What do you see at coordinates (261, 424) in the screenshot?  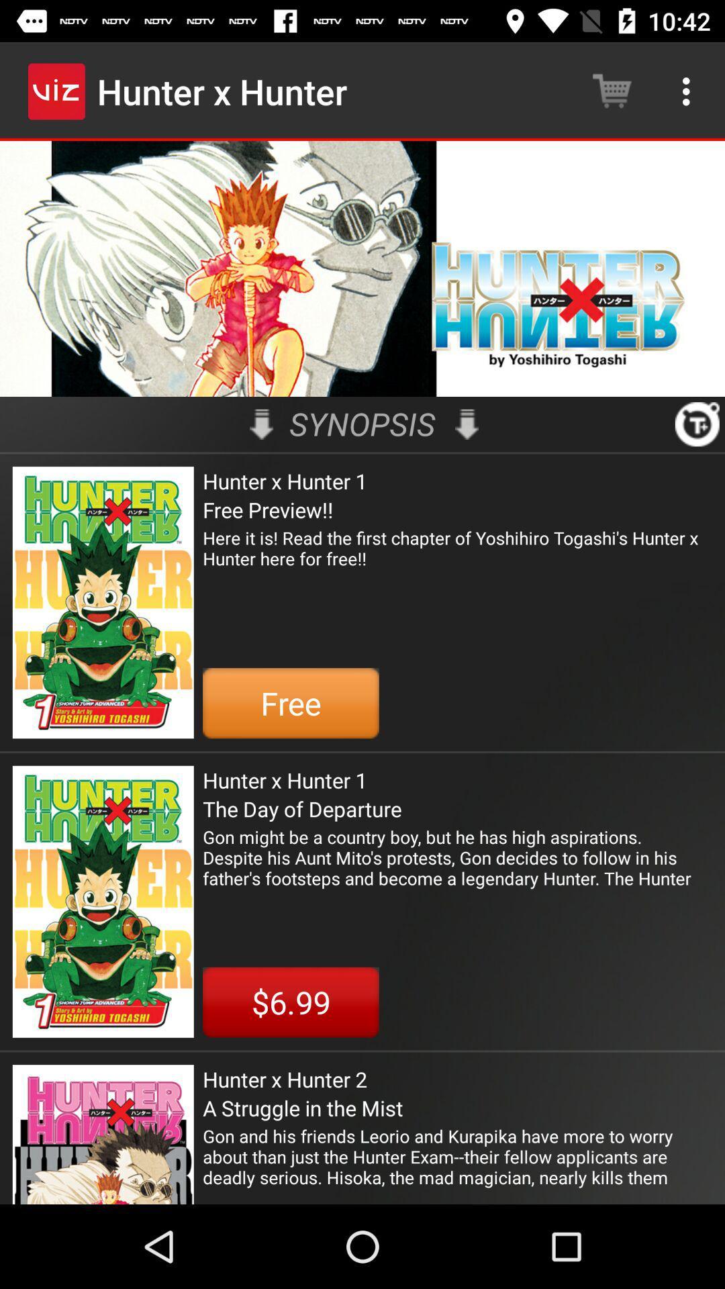 I see `item above hunter x hunter` at bounding box center [261, 424].